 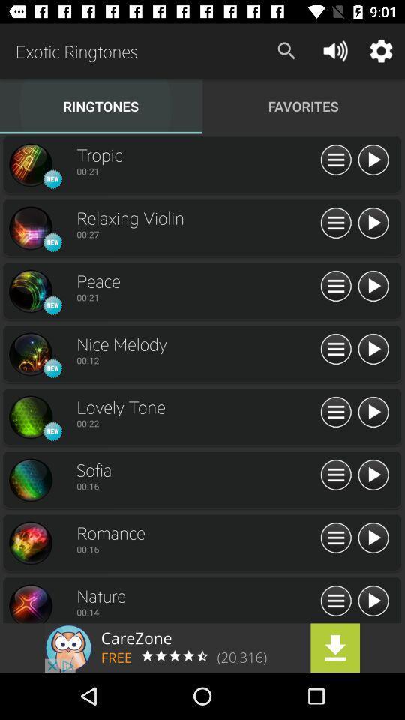 I want to click on playlist, so click(x=336, y=160).